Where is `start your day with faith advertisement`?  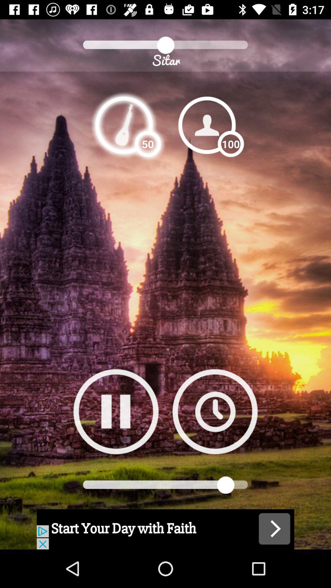 start your day with faith advertisement is located at coordinates (165, 529).